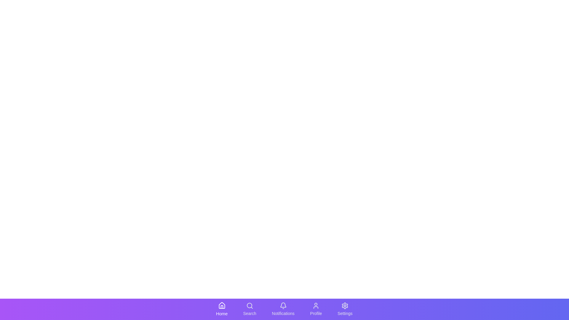  Describe the element at coordinates (250, 309) in the screenshot. I see `the Search tab in the bottom navigation bar` at that location.